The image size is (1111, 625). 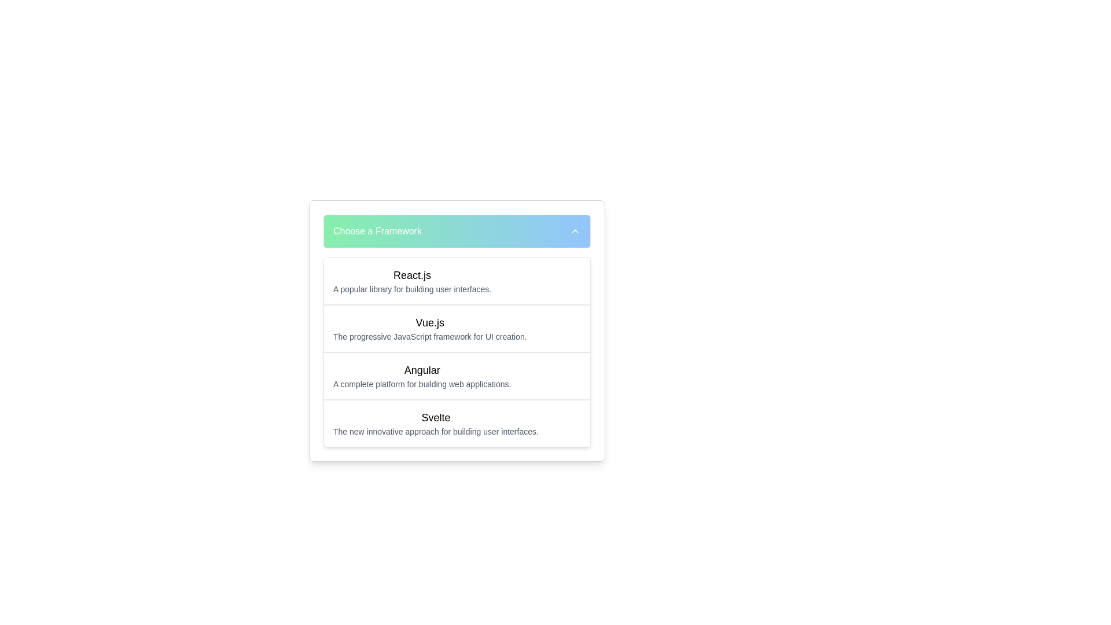 I want to click on the text label providing additional context about the 'React.js' framework, located directly below the 'React.js' header, so click(x=412, y=289).